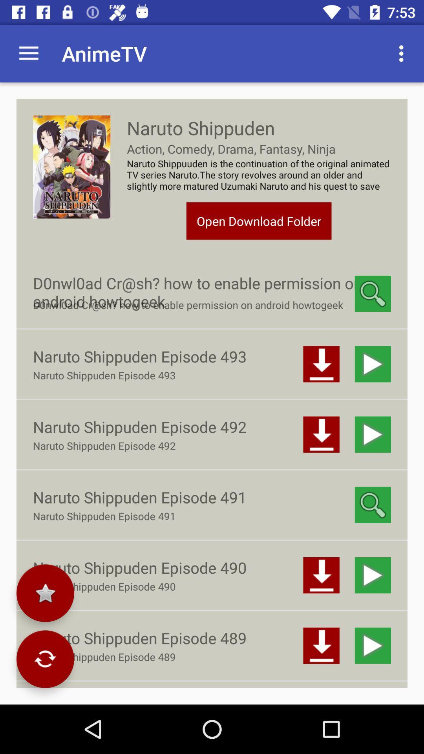  Describe the element at coordinates (259, 220) in the screenshot. I see `open download folder item` at that location.